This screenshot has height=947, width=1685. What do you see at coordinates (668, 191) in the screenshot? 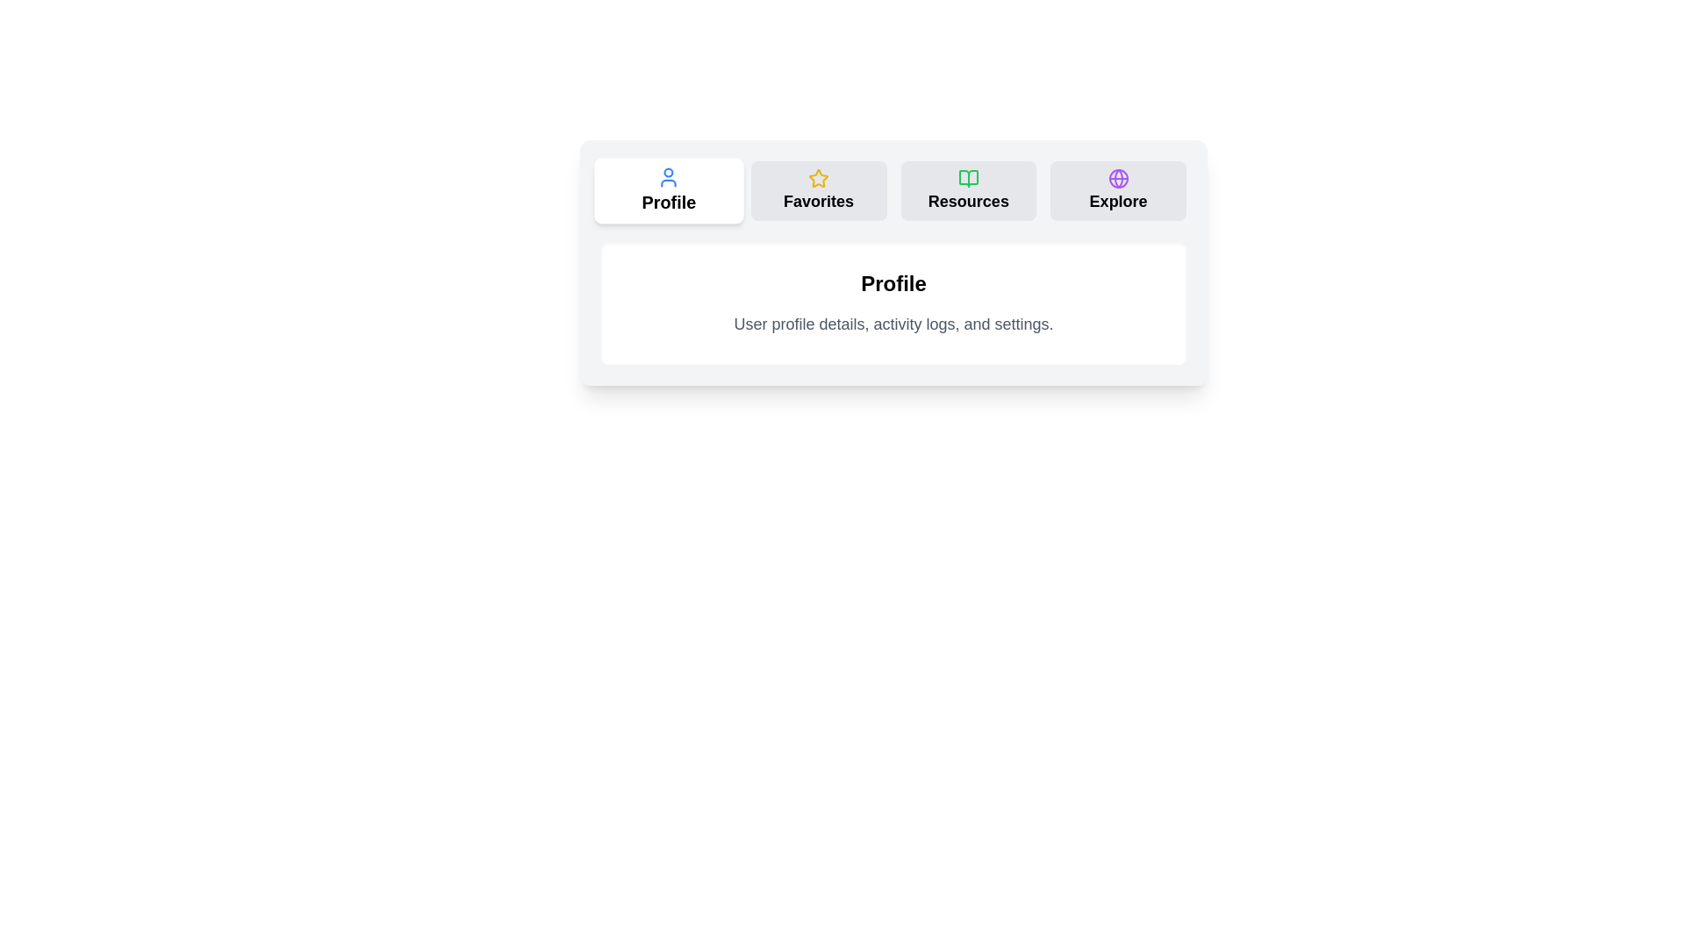
I see `the tab labeled Profile` at bounding box center [668, 191].